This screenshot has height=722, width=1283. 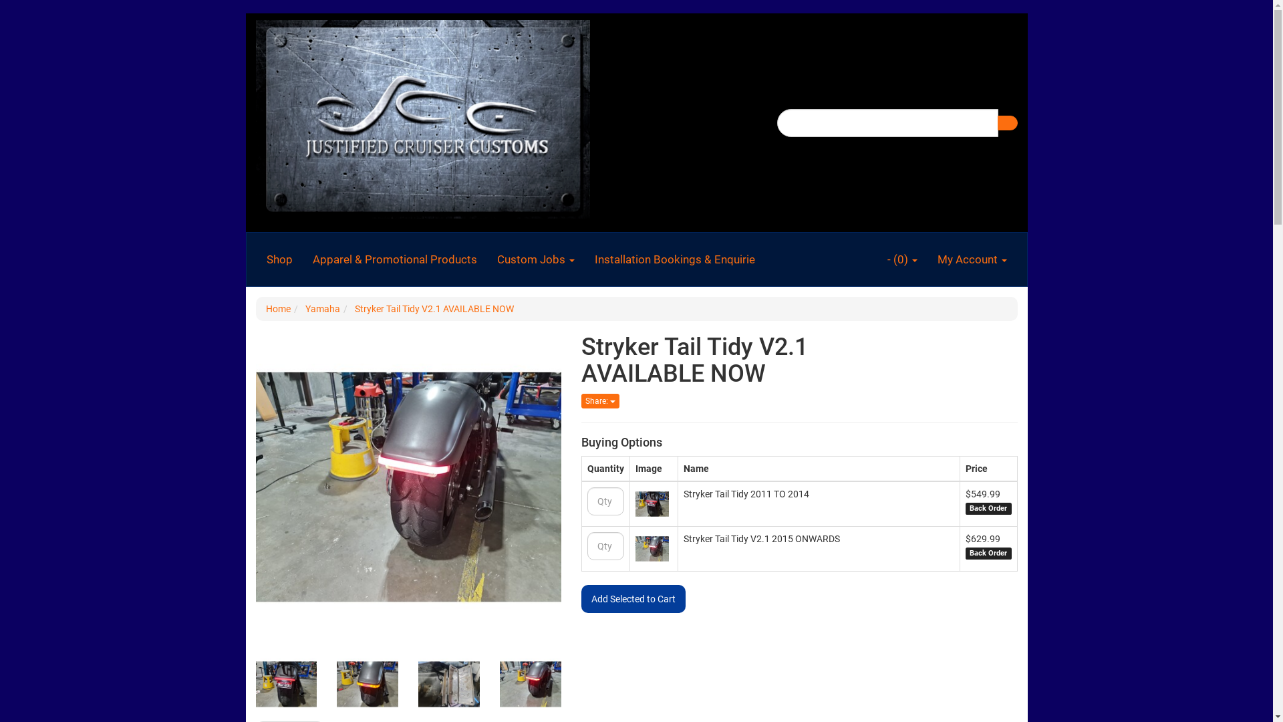 I want to click on 'Large View', so click(x=285, y=684).